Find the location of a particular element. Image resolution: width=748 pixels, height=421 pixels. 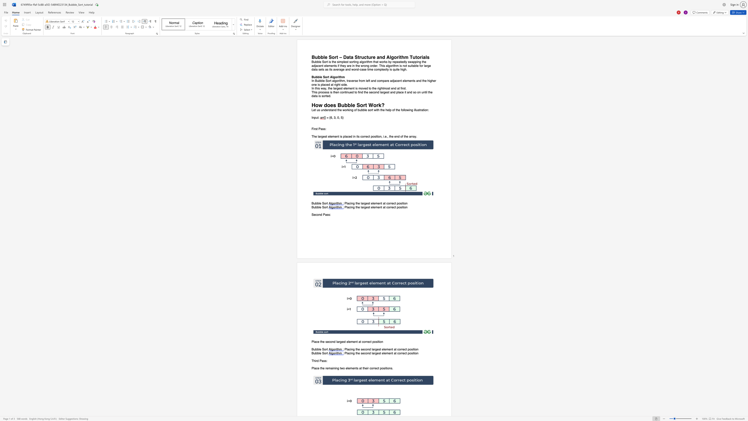

the 4th character "s" in the text is located at coordinates (389, 88).